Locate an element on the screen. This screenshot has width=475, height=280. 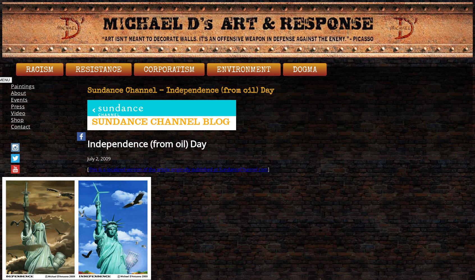
'This is a localized version of the article originally published at SundanceChannel.com' is located at coordinates (178, 169).